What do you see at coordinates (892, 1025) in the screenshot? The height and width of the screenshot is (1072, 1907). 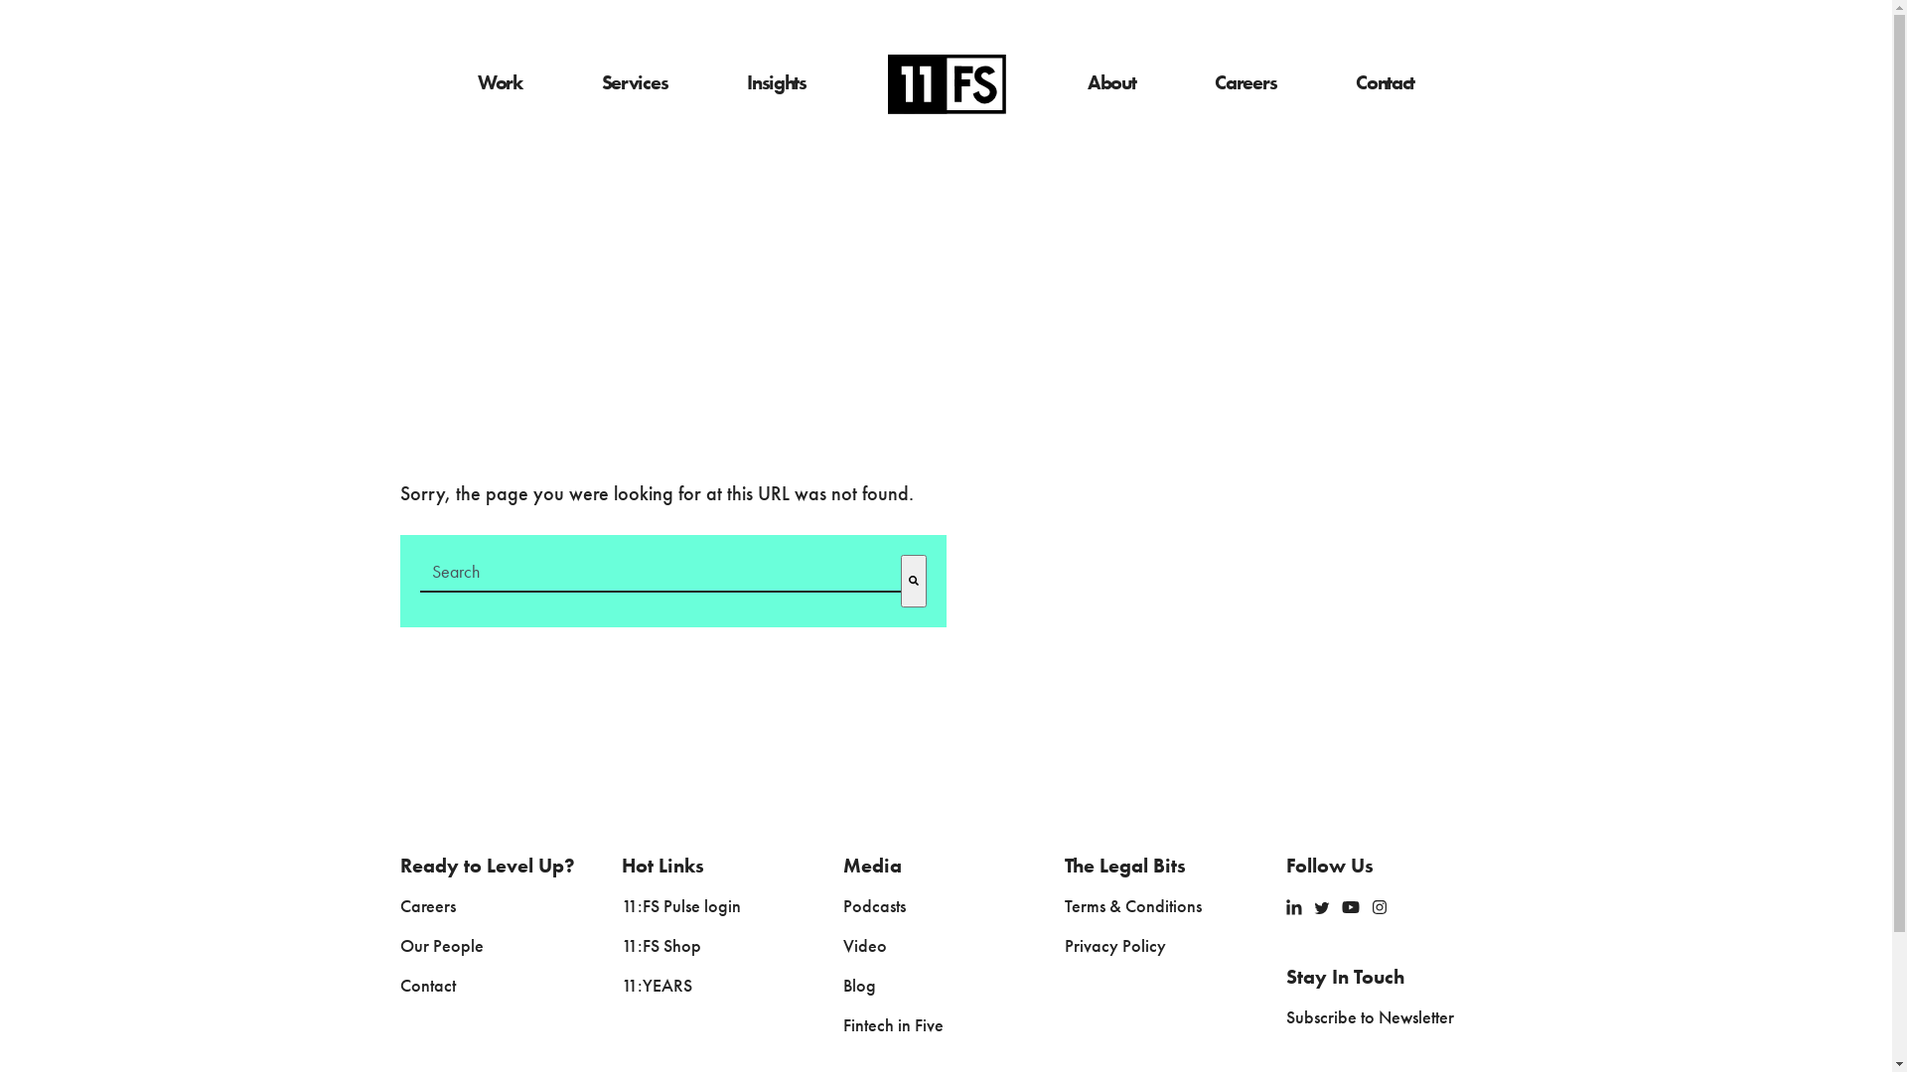 I see `'Fintech in Five'` at bounding box center [892, 1025].